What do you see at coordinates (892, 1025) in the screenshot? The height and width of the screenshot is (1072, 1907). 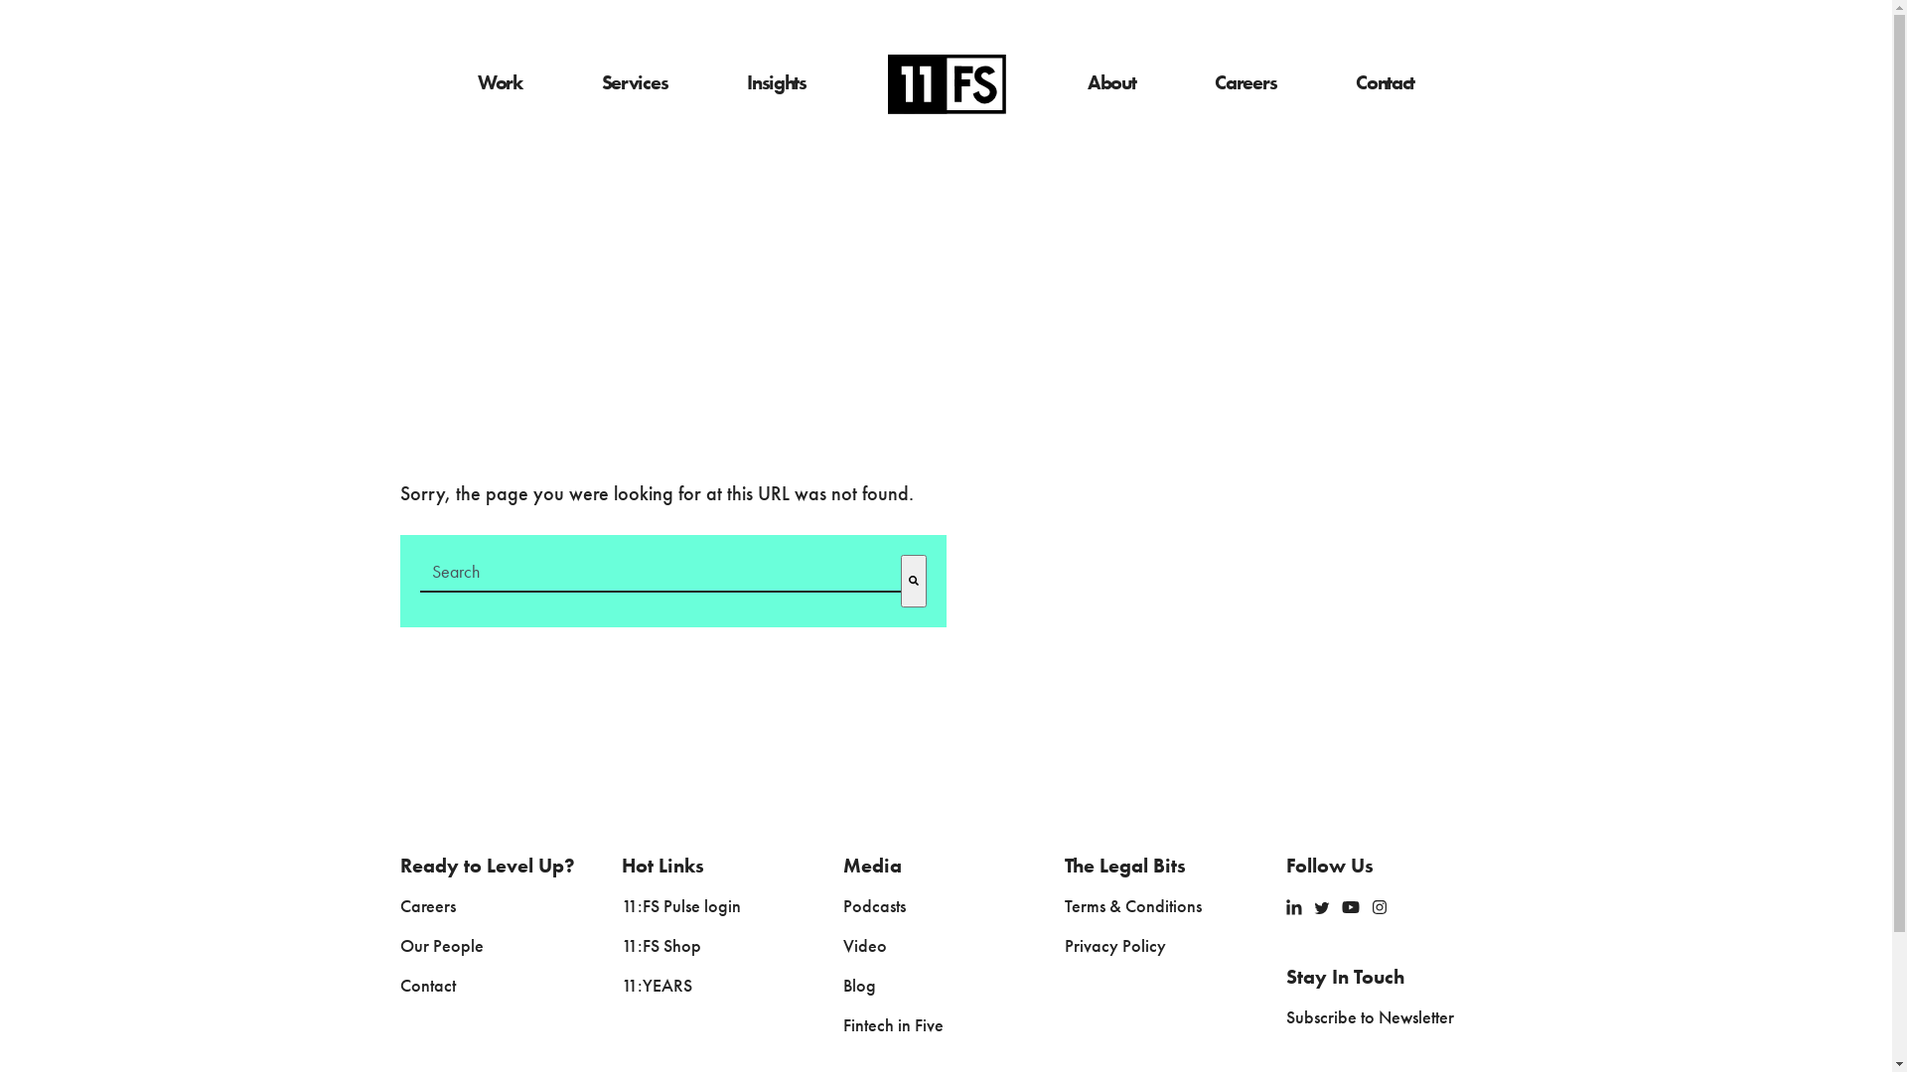 I see `'Fintech in Five'` at bounding box center [892, 1025].